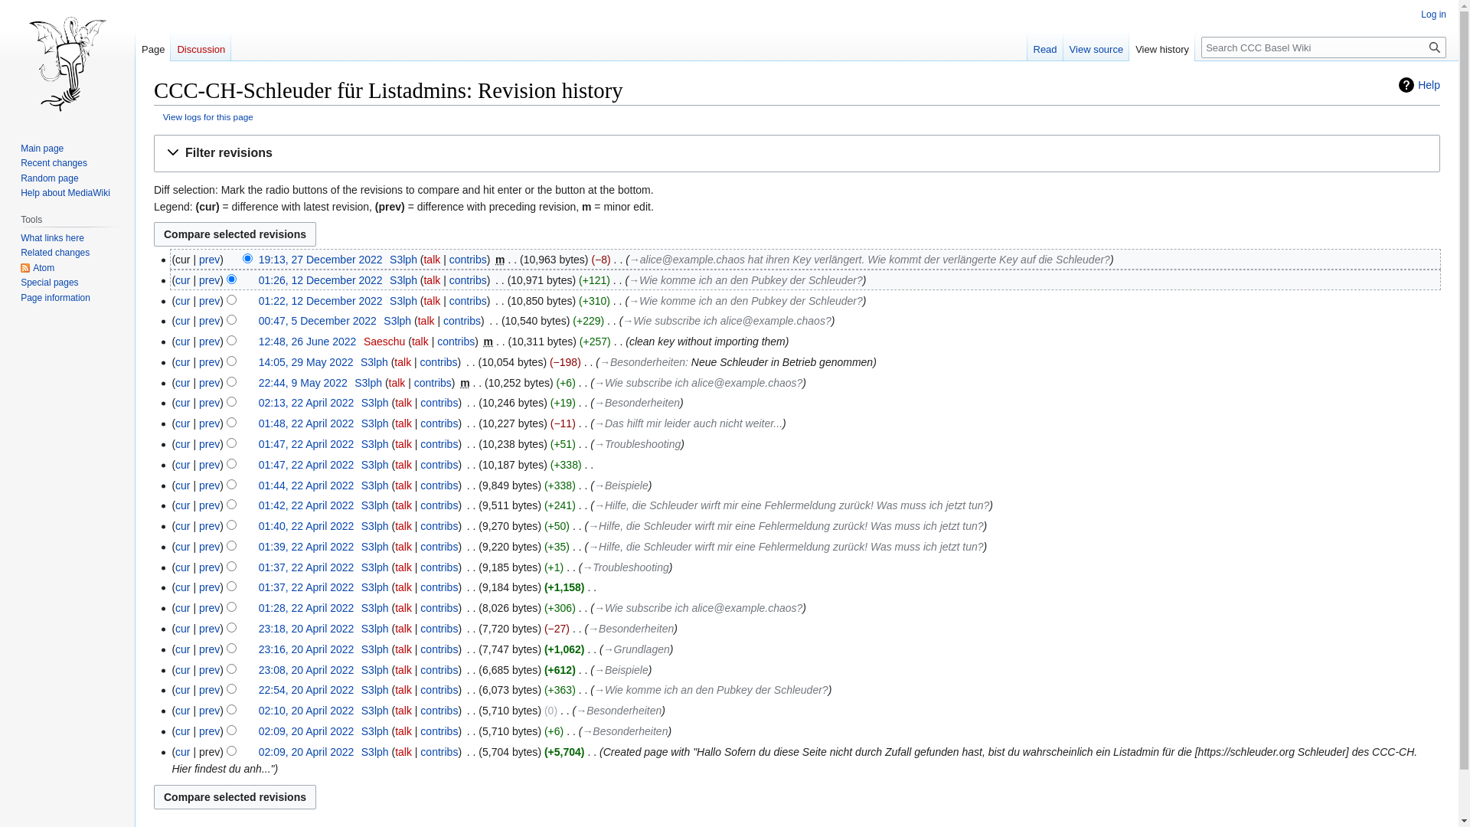 Image resolution: width=1470 pixels, height=827 pixels. Describe the element at coordinates (1418, 85) in the screenshot. I see `'Help'` at that location.